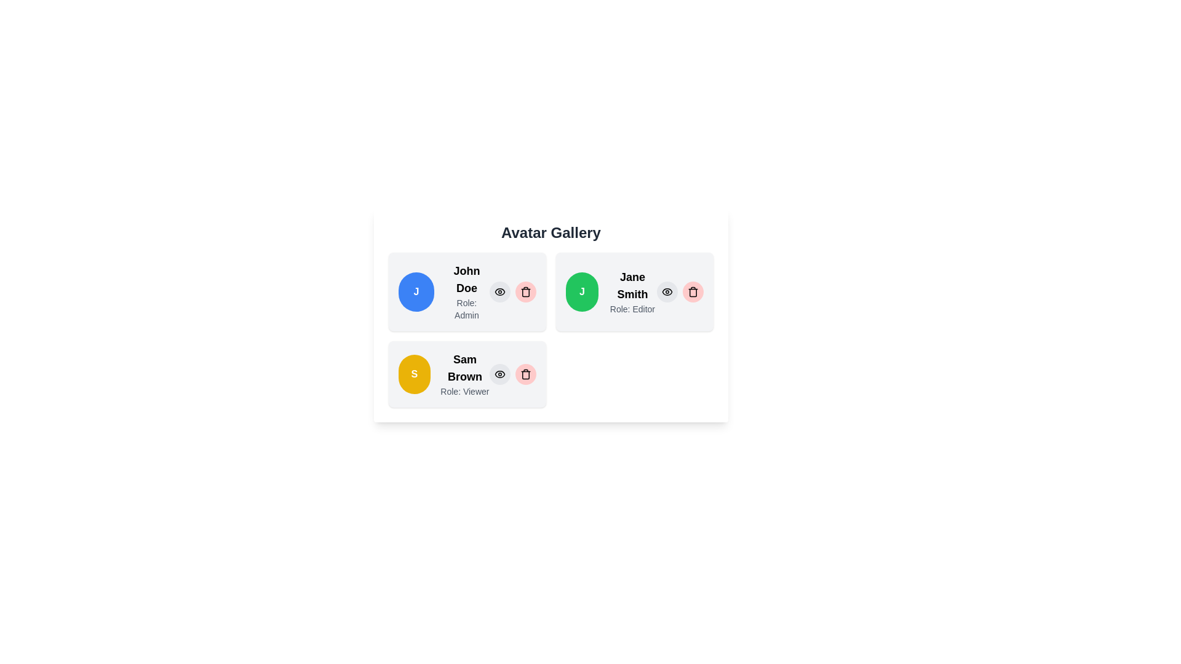 The height and width of the screenshot is (664, 1181). Describe the element at coordinates (525, 291) in the screenshot. I see `the delete button associated with 'John Doe's card, located as the second button in the right-aligned button group, adjacent to the eye symbol button` at that location.